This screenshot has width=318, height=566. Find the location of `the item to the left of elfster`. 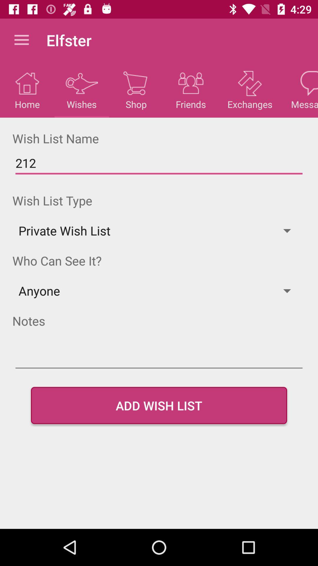

the item to the left of elfster is located at coordinates (21, 40).